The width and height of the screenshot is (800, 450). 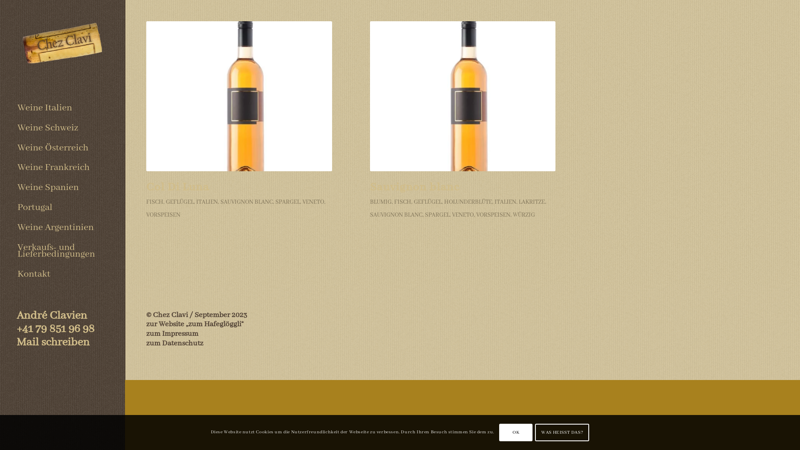 What do you see at coordinates (462, 96) in the screenshot?
I see `'Sauvignon blanc'` at bounding box center [462, 96].